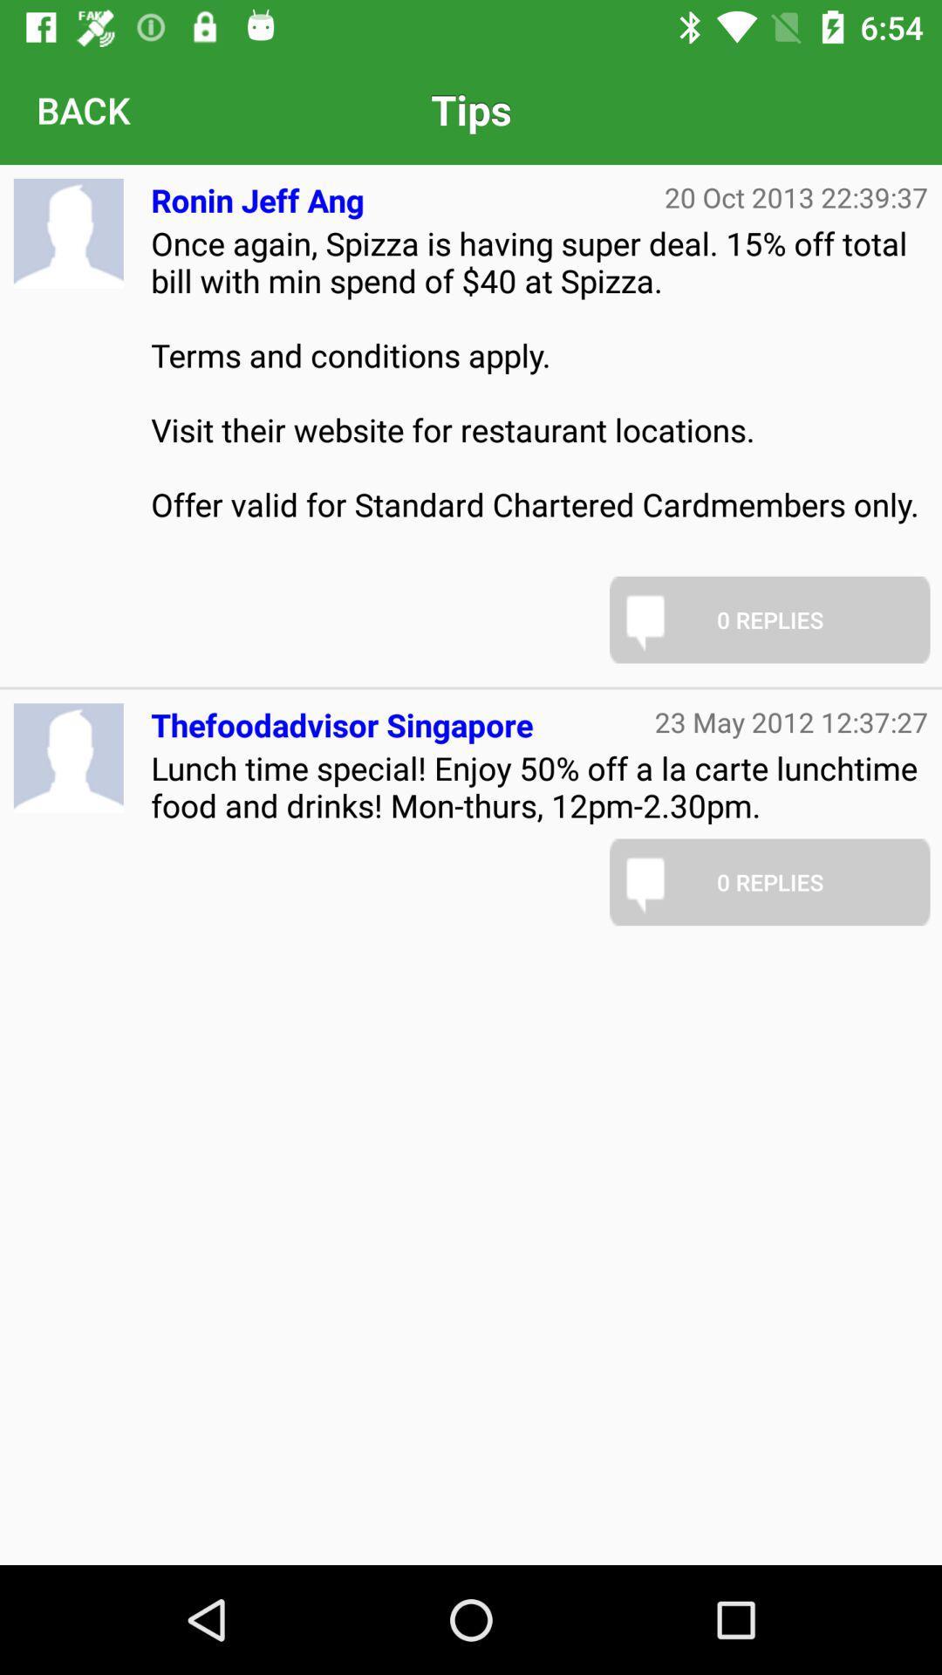  Describe the element at coordinates (538, 785) in the screenshot. I see `the item below thefoodadvisor singapore` at that location.